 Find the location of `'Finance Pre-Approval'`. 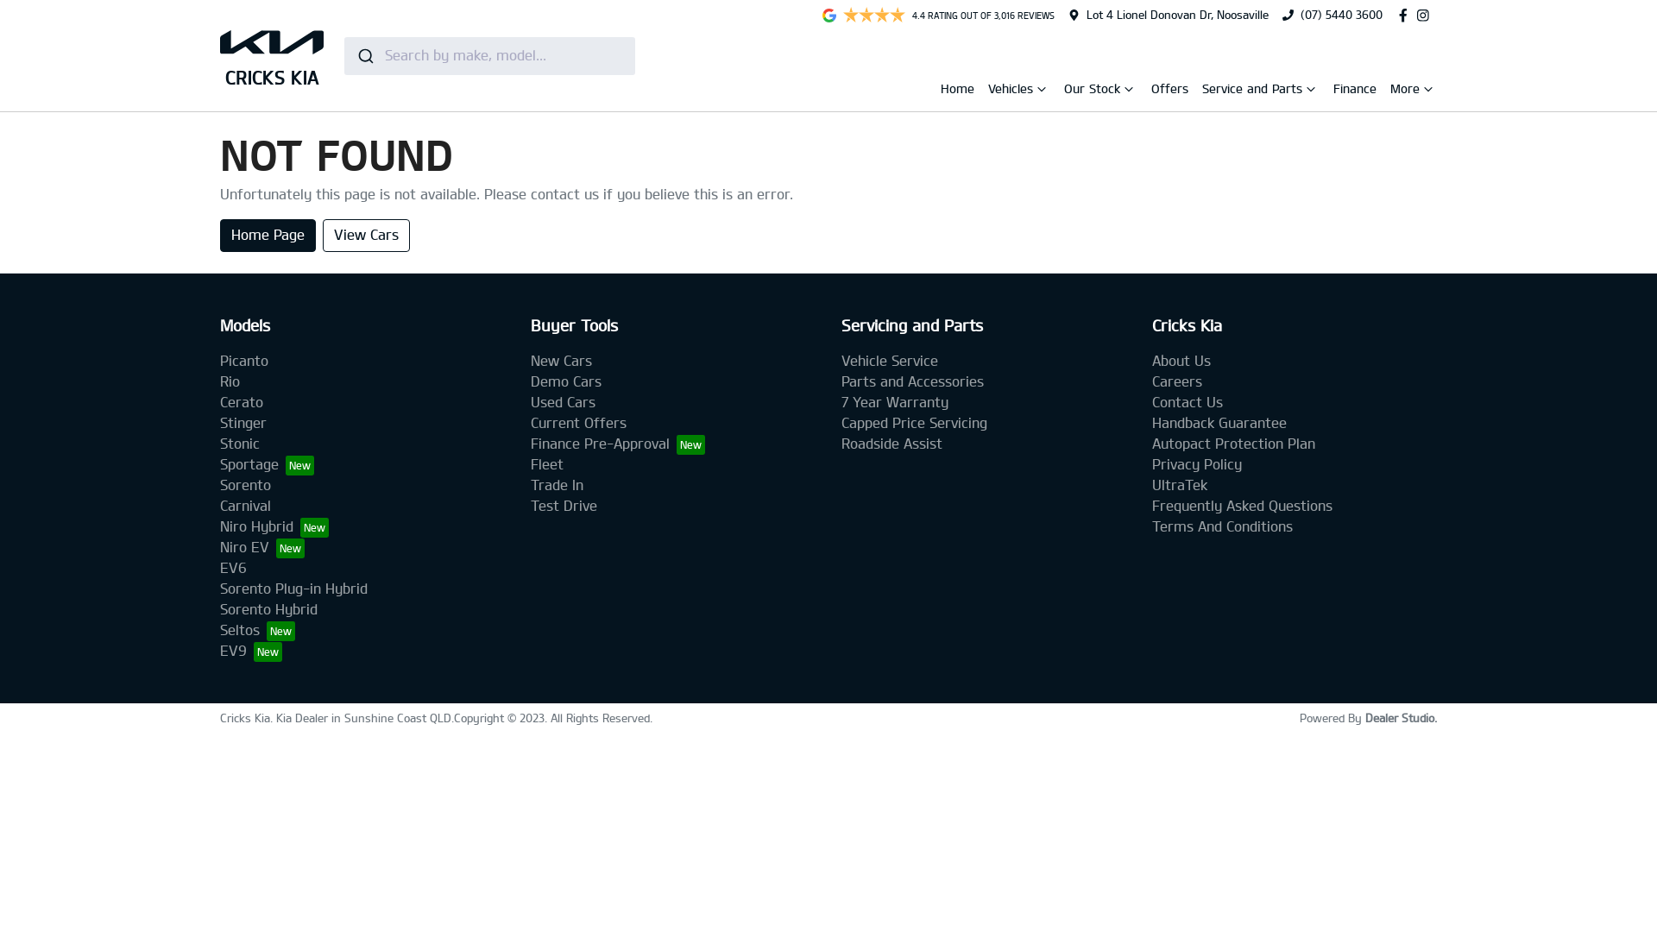

'Finance Pre-Approval' is located at coordinates (617, 443).